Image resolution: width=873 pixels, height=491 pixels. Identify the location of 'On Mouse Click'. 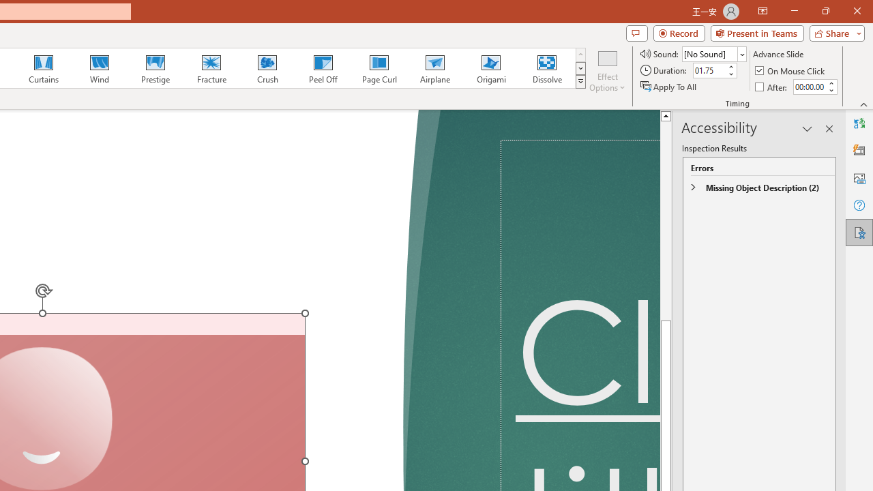
(790, 70).